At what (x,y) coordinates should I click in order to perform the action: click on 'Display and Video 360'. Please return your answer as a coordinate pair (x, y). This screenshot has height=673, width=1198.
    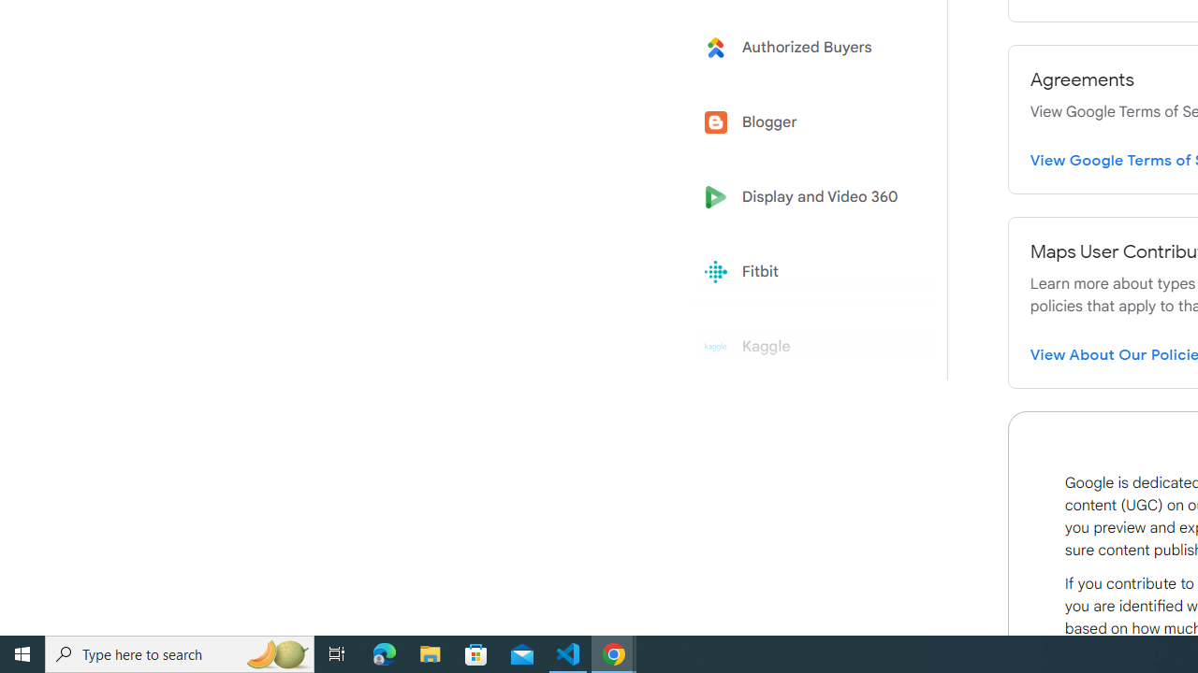
    Looking at the image, I should click on (807, 197).